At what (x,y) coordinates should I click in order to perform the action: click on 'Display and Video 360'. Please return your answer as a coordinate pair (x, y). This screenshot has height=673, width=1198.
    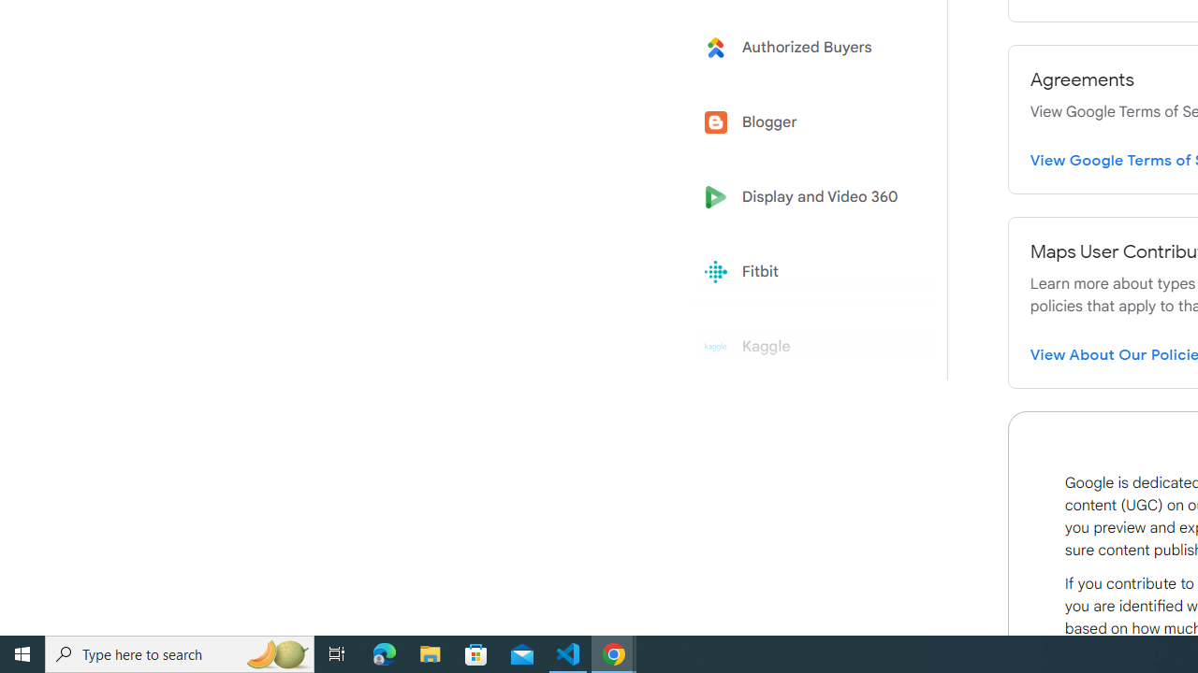
    Looking at the image, I should click on (807, 197).